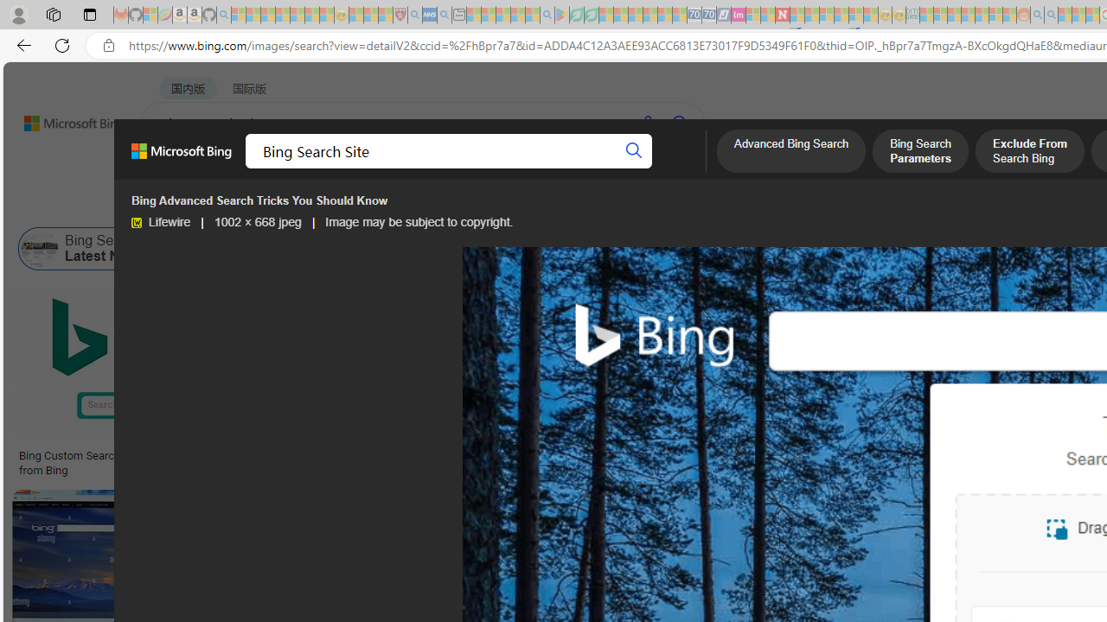  Describe the element at coordinates (160, 221) in the screenshot. I see `'Lifewire Lifewire'` at that location.